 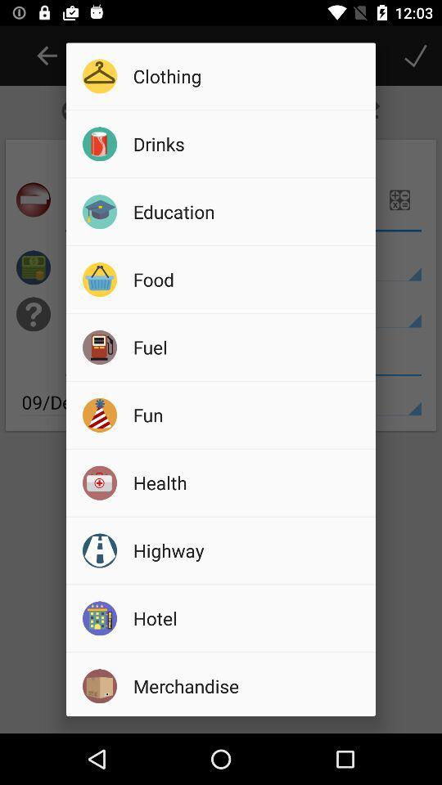 I want to click on the education icon, so click(x=248, y=210).